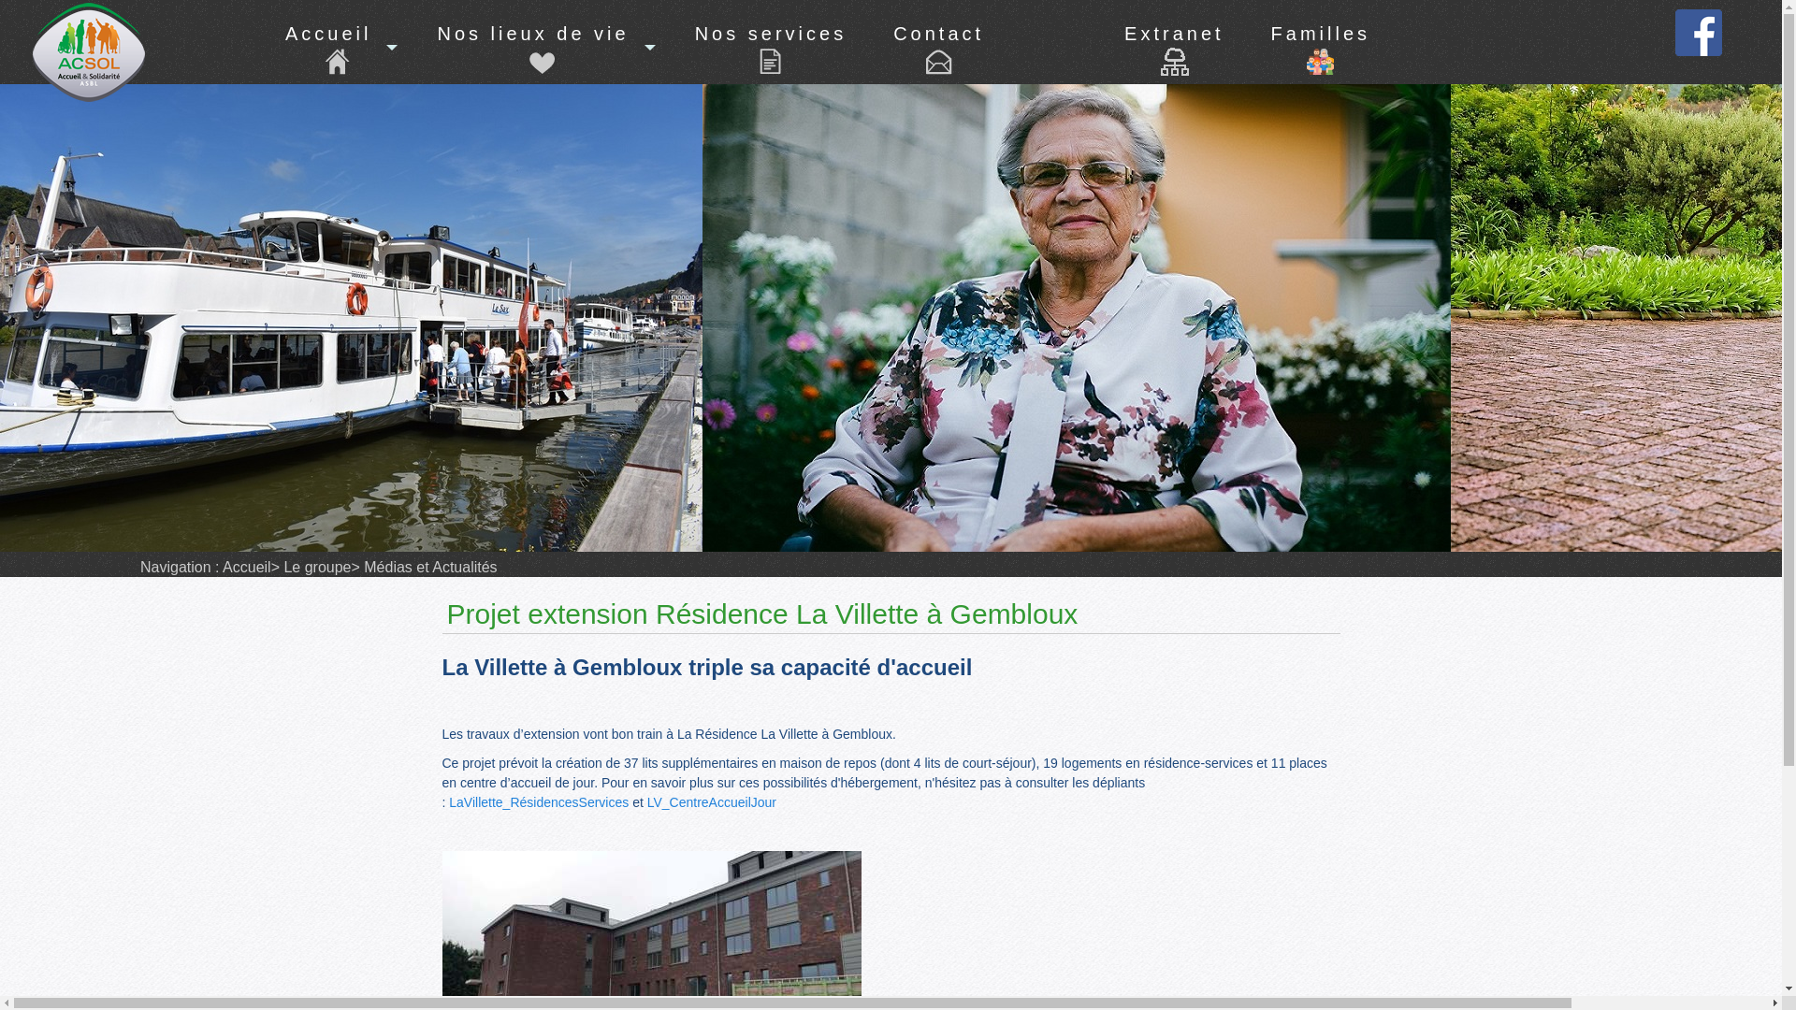  I want to click on 'Le groupe', so click(315, 566).